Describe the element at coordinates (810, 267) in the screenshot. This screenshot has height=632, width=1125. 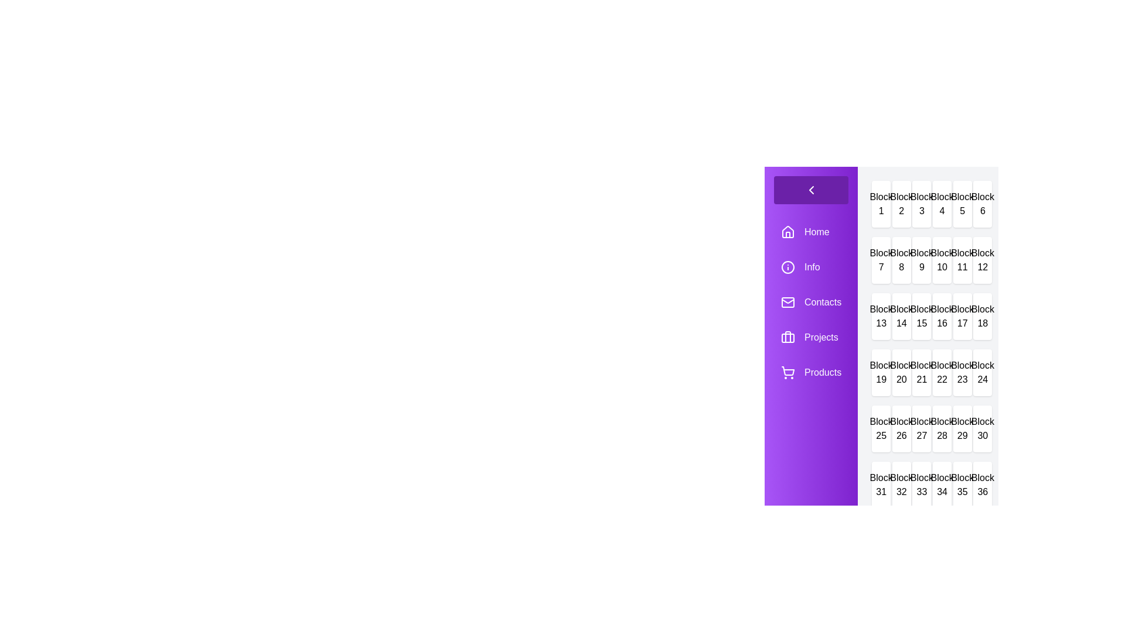
I see `the menu item labeled Info to navigate` at that location.